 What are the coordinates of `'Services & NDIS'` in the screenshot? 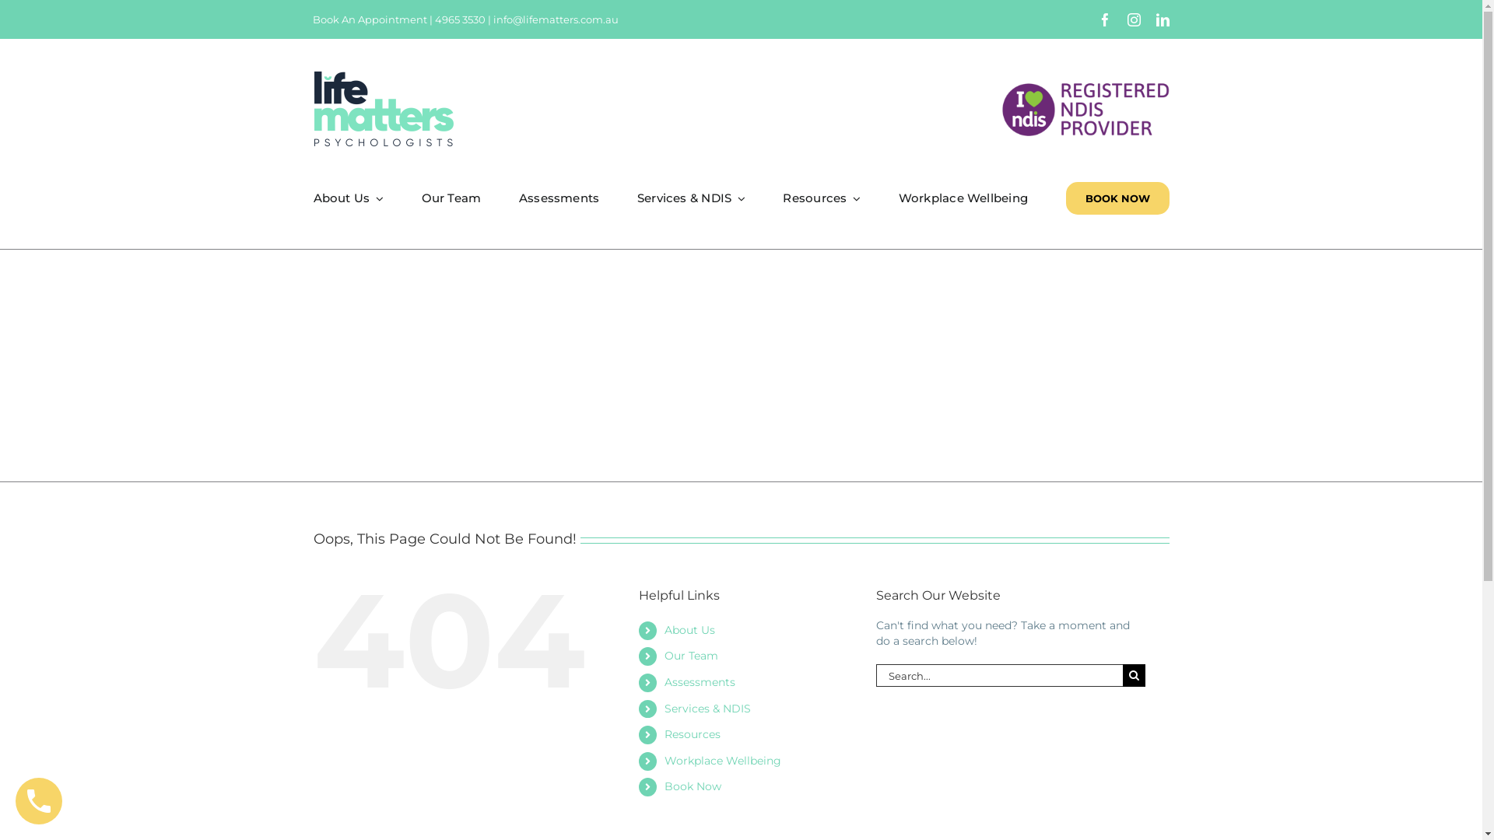 It's located at (707, 708).